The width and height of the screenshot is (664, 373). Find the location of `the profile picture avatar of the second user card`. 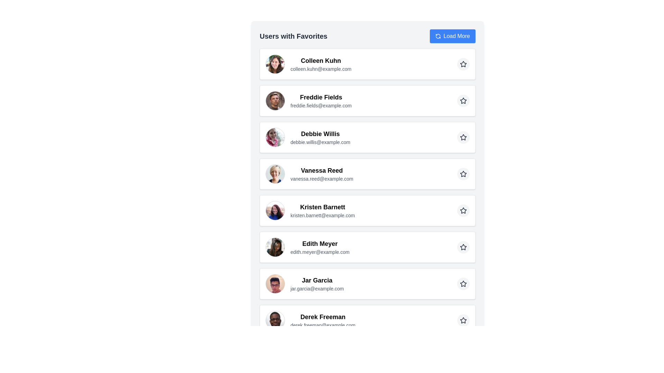

the profile picture avatar of the second user card is located at coordinates (275, 101).